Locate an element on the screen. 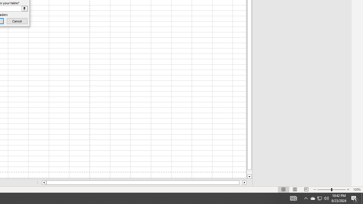  'Line down' is located at coordinates (249, 177).